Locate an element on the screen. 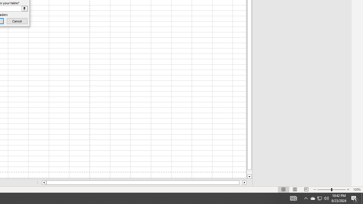  'Line down' is located at coordinates (249, 177).